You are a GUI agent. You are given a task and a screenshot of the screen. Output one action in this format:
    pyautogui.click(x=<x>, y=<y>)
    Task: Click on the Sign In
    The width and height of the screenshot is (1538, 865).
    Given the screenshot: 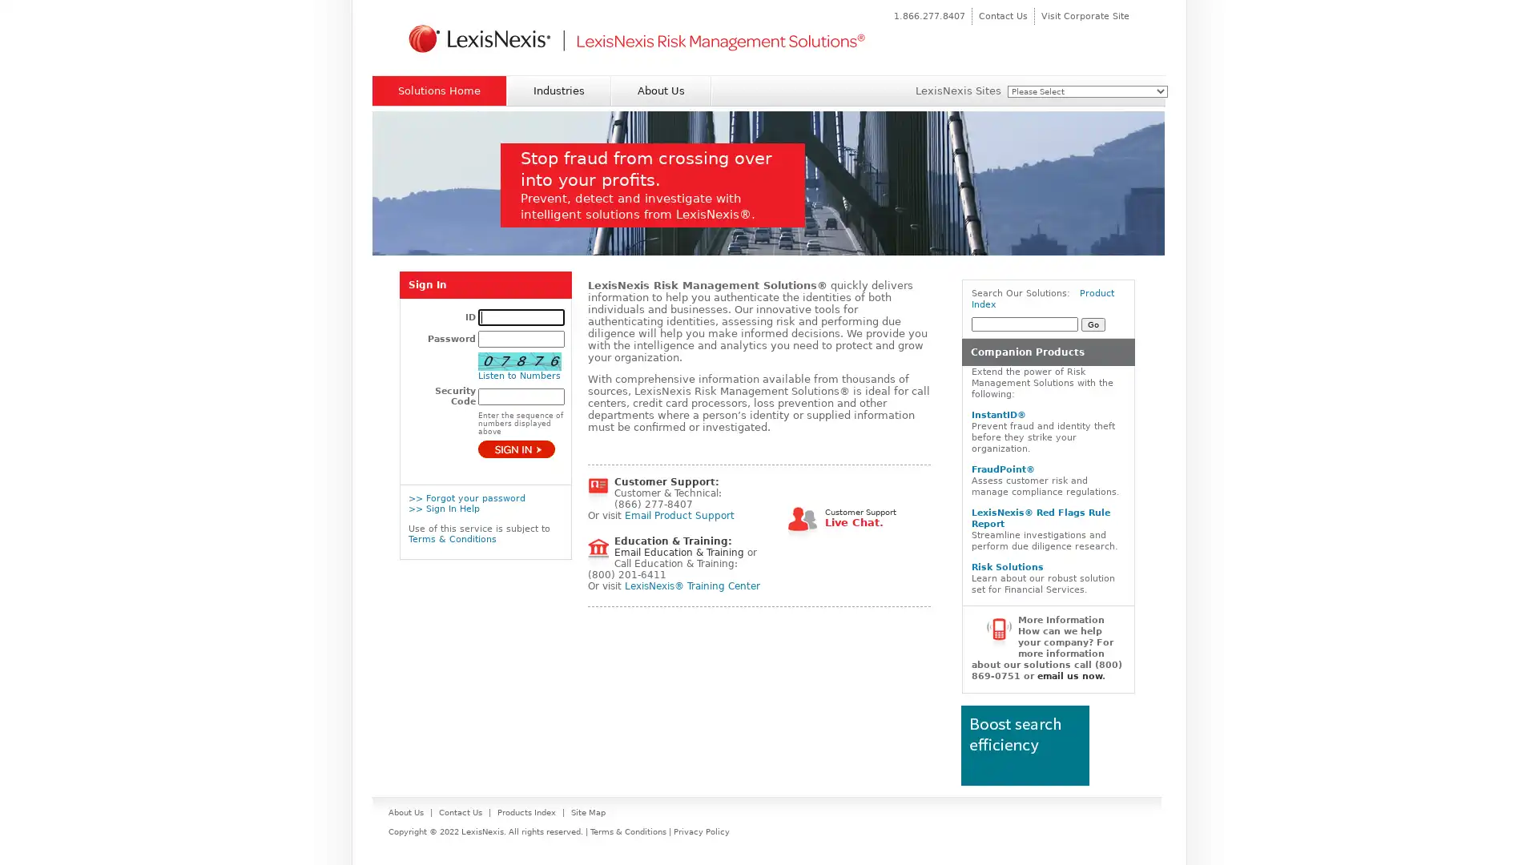 What is the action you would take?
    pyautogui.click(x=516, y=449)
    